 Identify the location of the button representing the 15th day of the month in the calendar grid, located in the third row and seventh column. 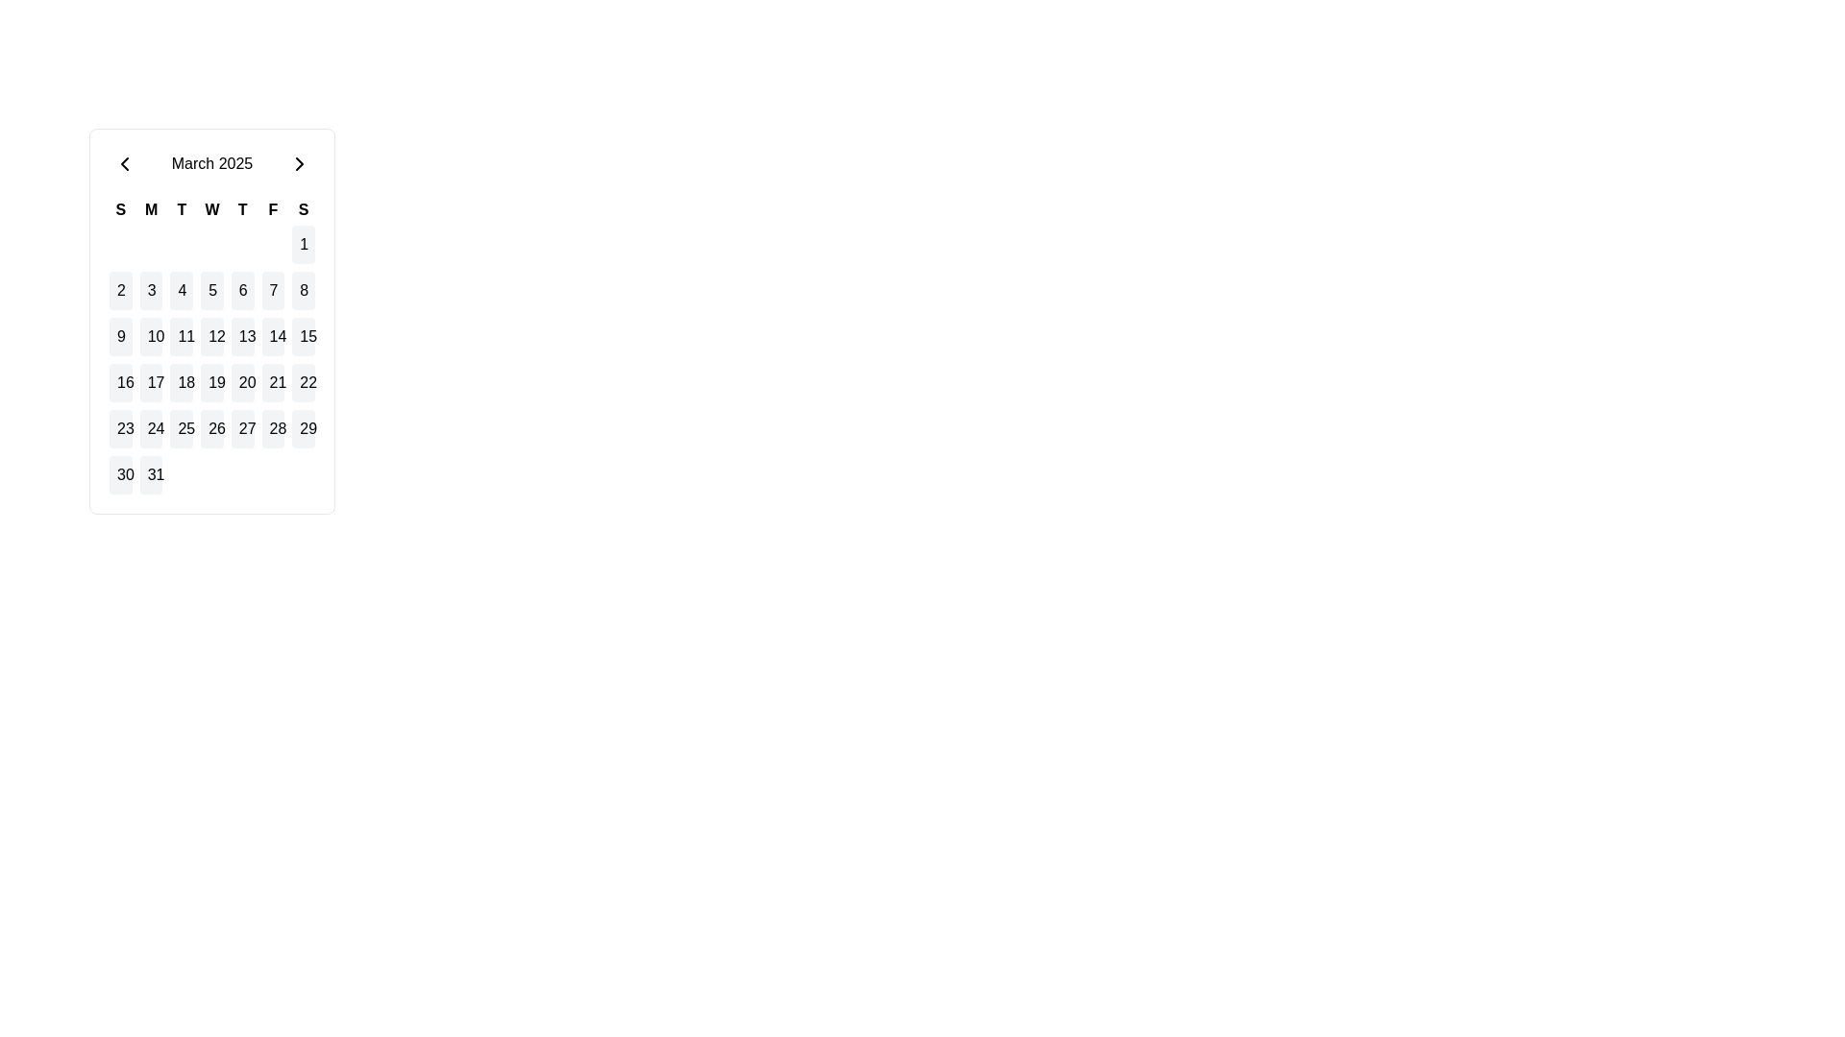
(303, 336).